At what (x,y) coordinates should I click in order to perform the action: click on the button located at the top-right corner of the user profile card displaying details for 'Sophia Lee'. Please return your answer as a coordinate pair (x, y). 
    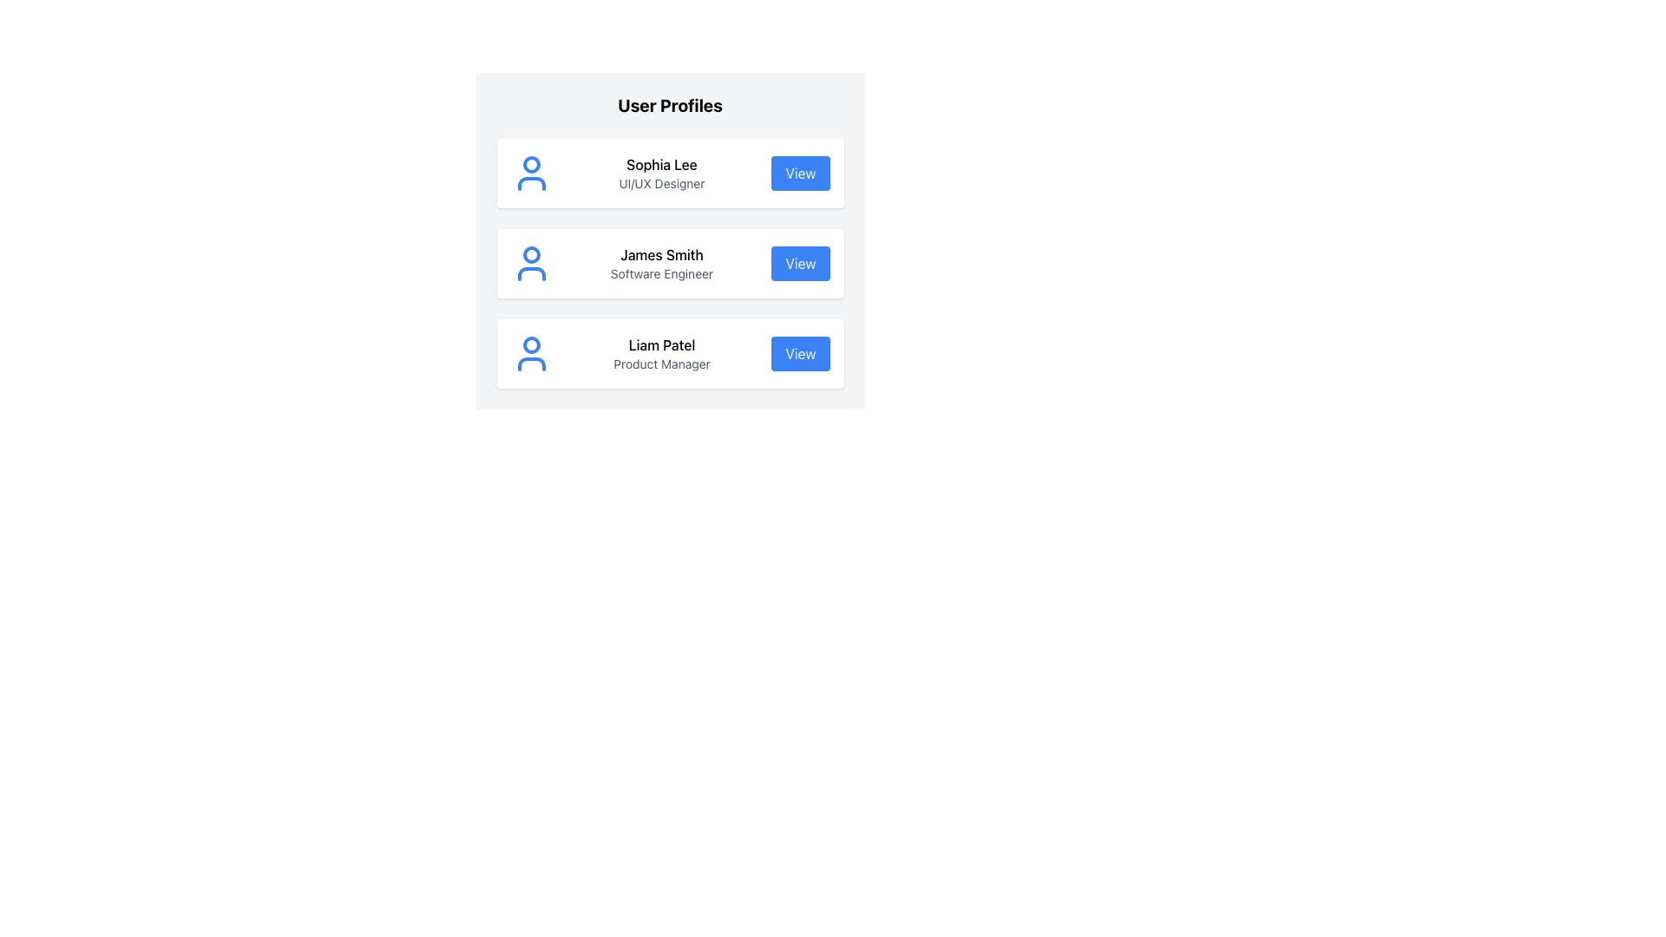
    Looking at the image, I should click on (799, 174).